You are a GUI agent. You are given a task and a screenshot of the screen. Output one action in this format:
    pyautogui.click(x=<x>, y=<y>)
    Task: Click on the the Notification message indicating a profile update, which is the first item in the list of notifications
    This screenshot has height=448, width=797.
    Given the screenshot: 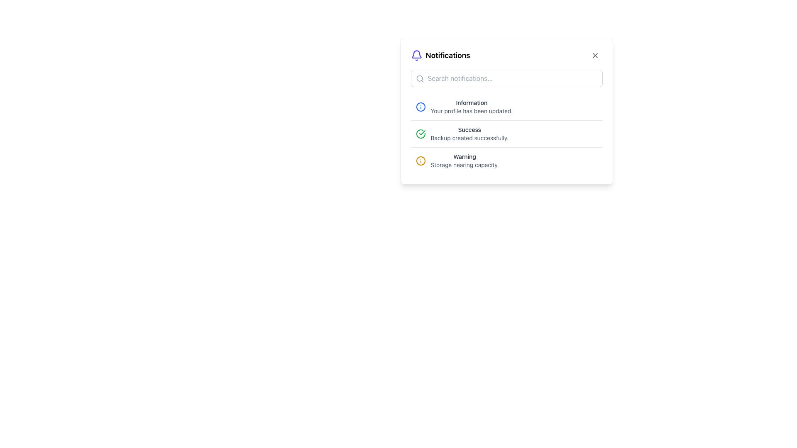 What is the action you would take?
    pyautogui.click(x=506, y=107)
    